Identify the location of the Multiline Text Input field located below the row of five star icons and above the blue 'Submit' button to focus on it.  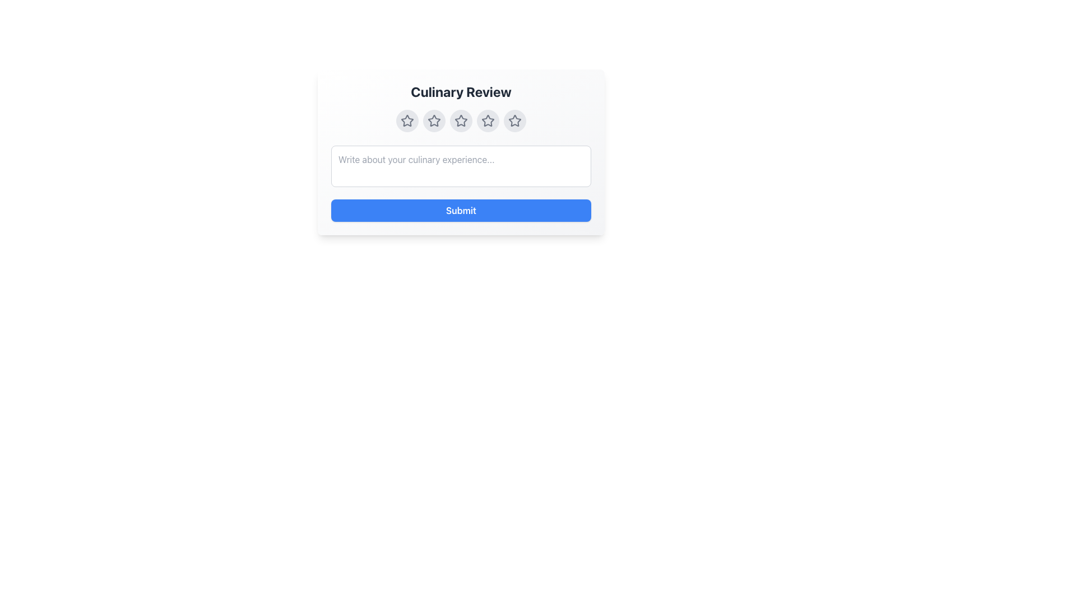
(461, 166).